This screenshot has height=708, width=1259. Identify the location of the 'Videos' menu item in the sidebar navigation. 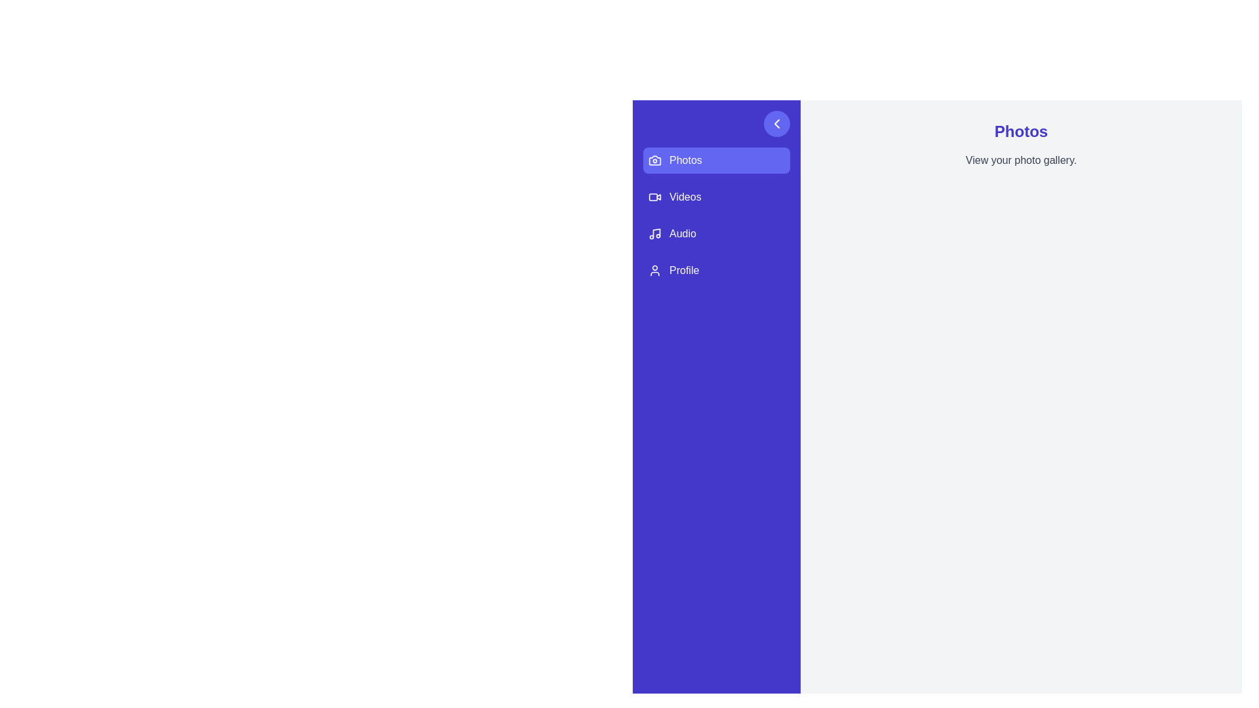
(685, 197).